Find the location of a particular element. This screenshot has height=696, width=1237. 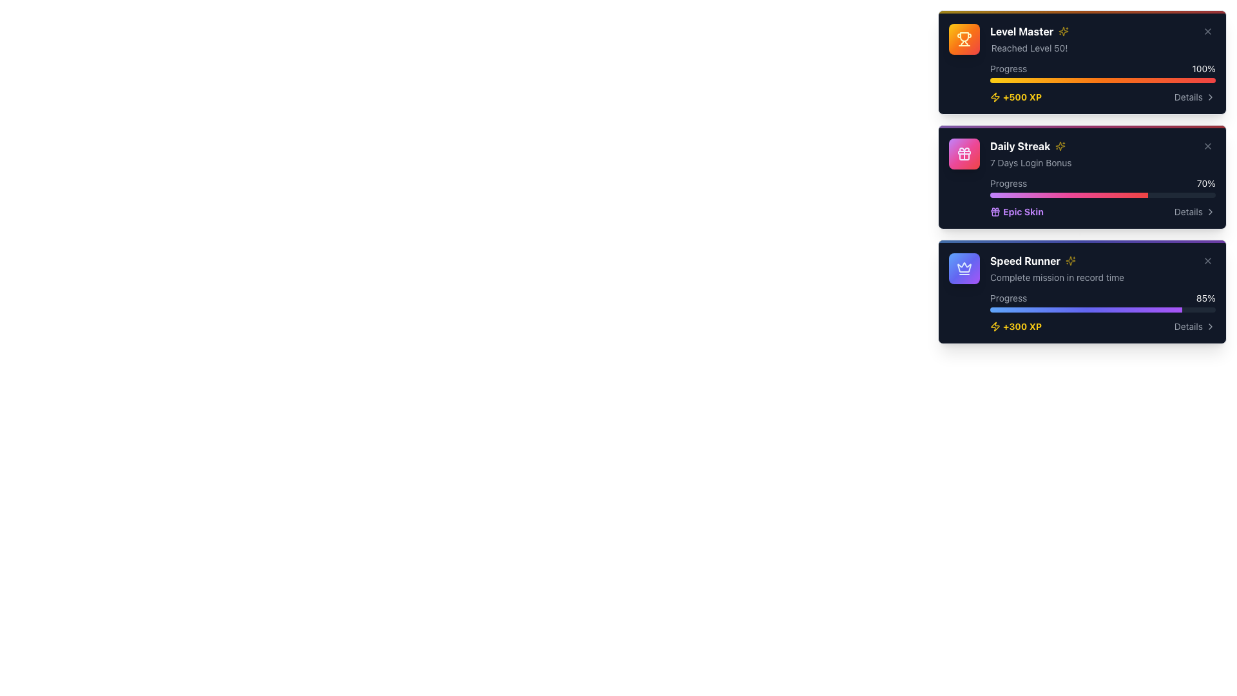

the 'Details' button which is located at the bottom-right corner of the third box in the vertical list, triggering a style change from gray to white is located at coordinates (1194, 325).